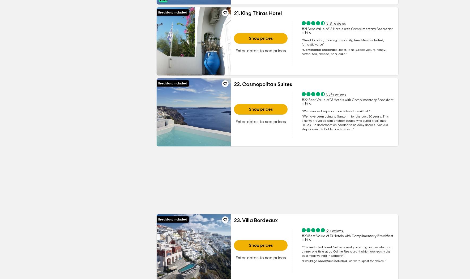 The width and height of the screenshot is (470, 279). What do you see at coordinates (368, 111) in the screenshot?
I see `'.'` at bounding box center [368, 111].